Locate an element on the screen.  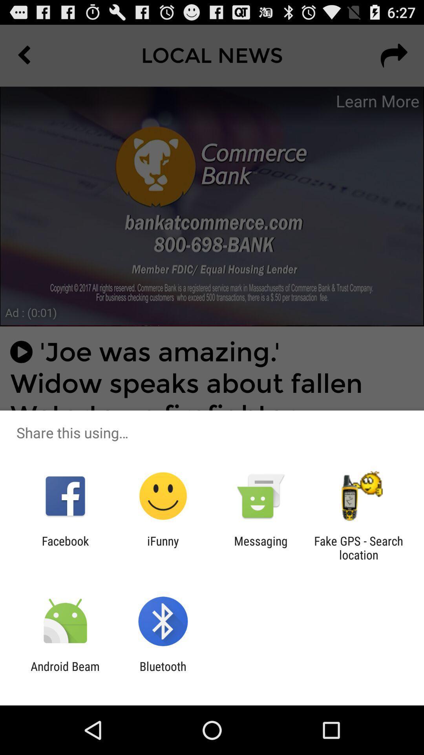
icon to the left of messaging icon is located at coordinates (163, 547).